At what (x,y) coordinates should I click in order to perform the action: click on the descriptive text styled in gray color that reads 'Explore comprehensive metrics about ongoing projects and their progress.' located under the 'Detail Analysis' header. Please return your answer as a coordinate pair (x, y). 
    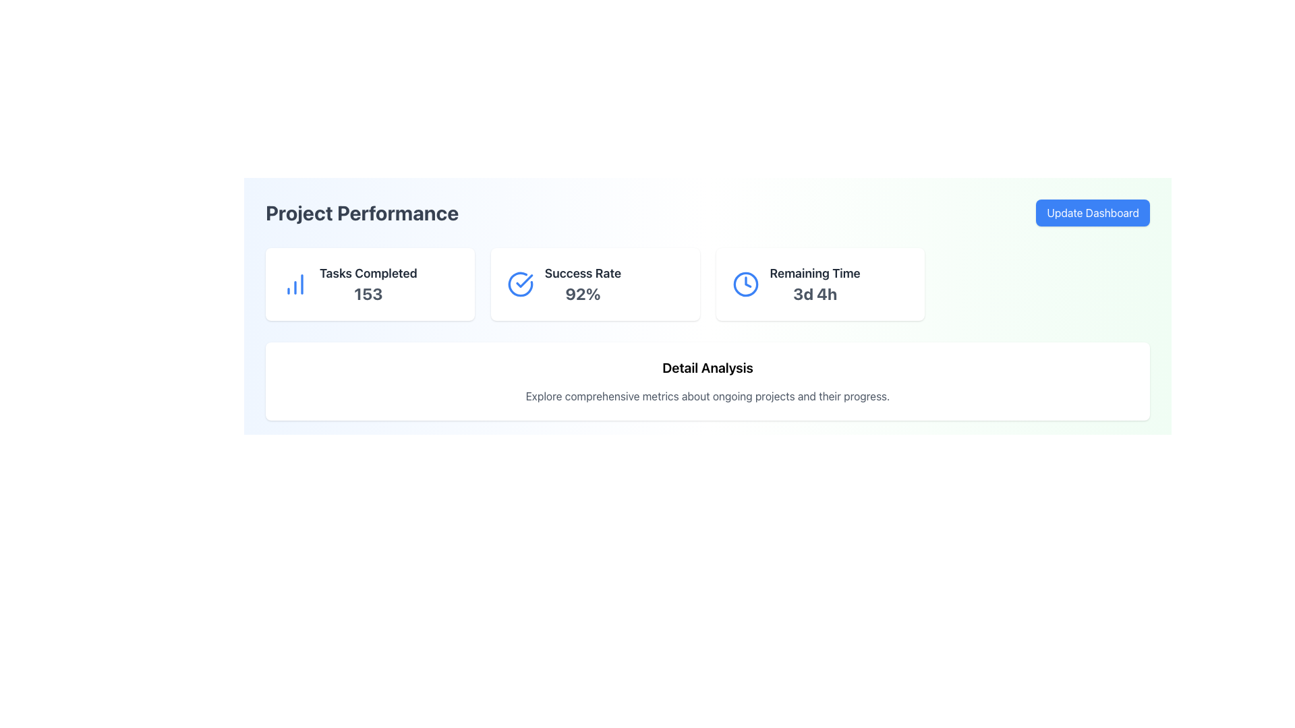
    Looking at the image, I should click on (707, 395).